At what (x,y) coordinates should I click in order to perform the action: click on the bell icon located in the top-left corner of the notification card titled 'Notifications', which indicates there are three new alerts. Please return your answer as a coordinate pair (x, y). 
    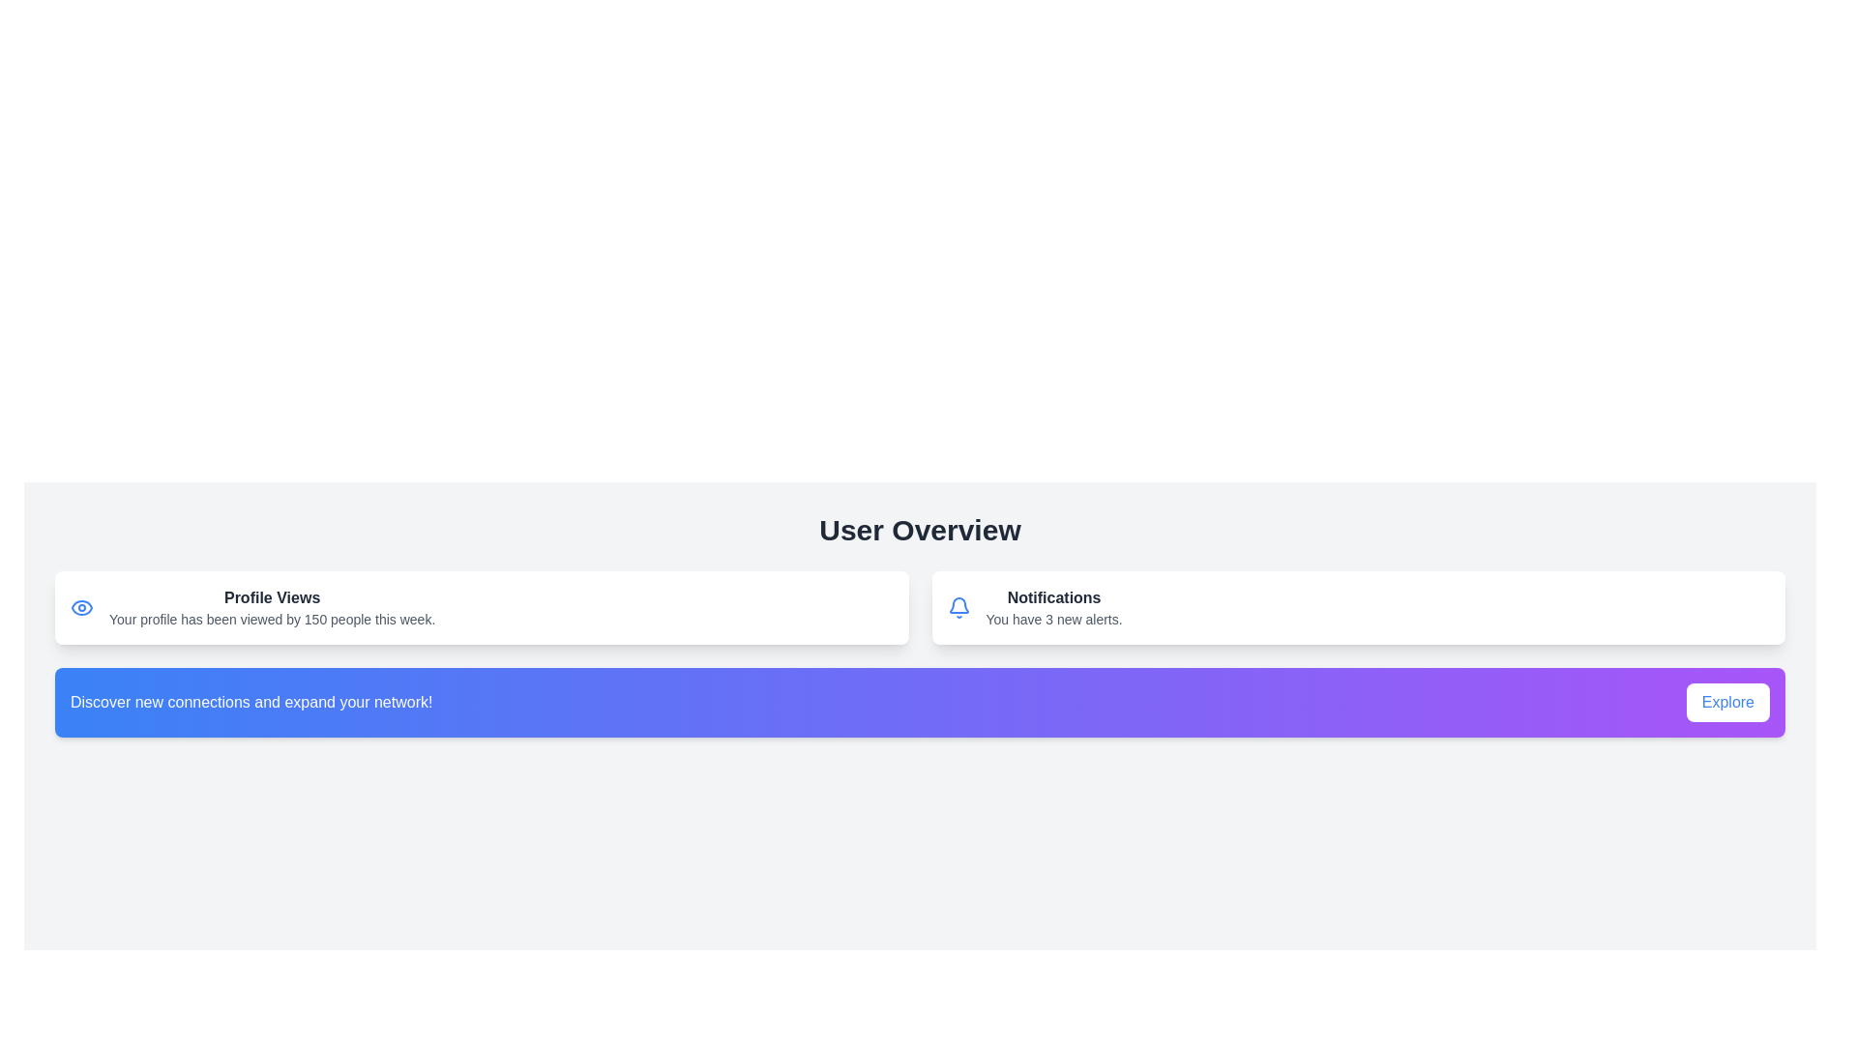
    Looking at the image, I should click on (958, 606).